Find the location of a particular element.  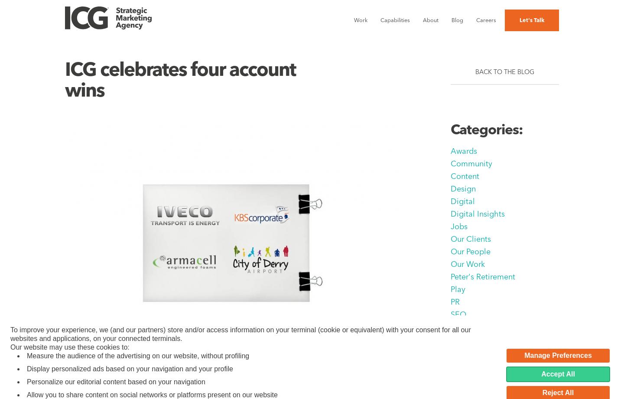

'About' is located at coordinates (422, 20).